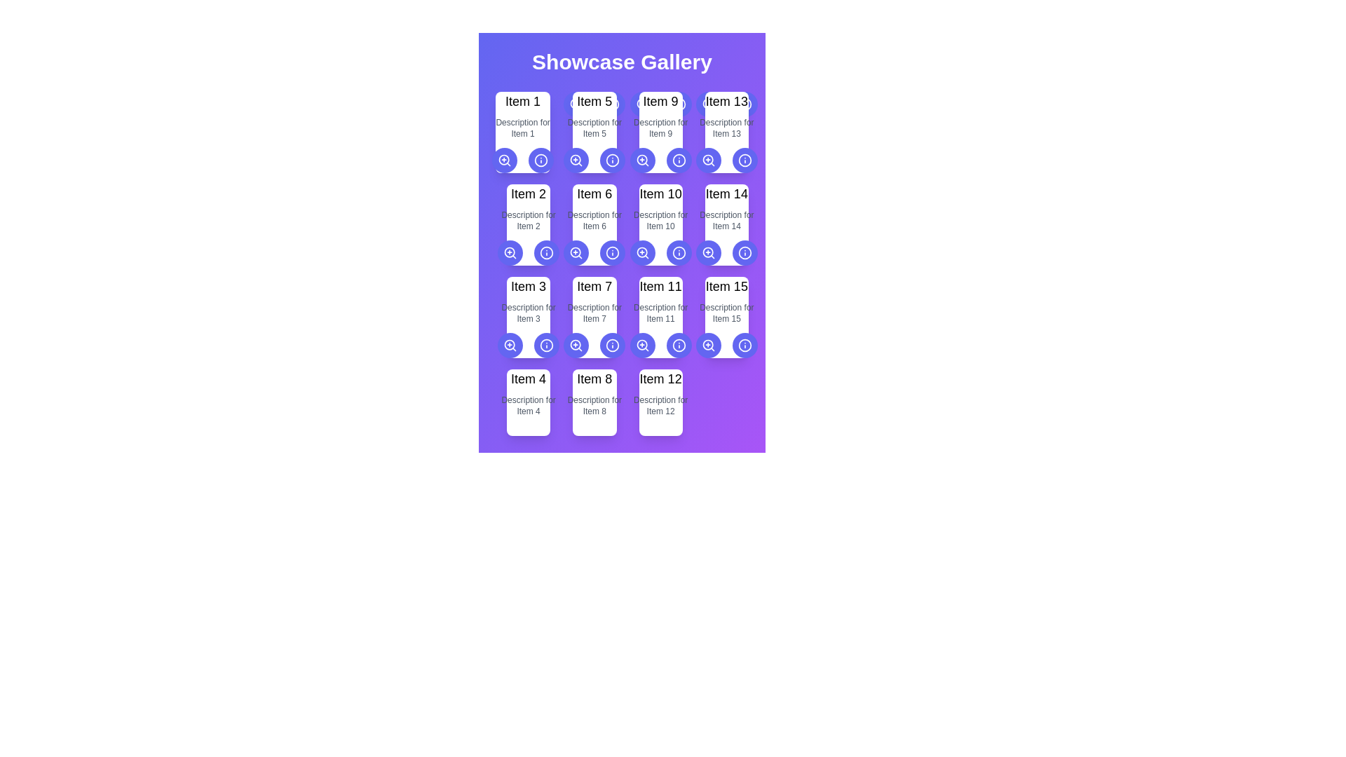 This screenshot has width=1346, height=757. I want to click on the circular zoom-in button with an indigo background and white outline, located beneath the 'Item 10' label, so click(641, 253).